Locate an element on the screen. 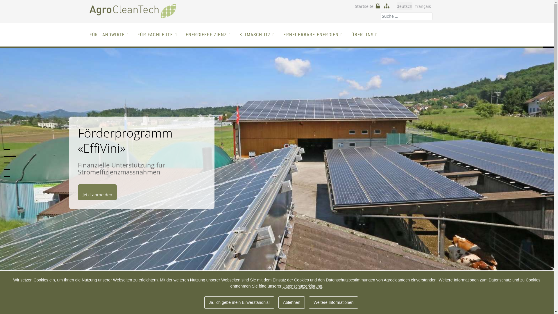 The height and width of the screenshot is (314, 558). 'deutsch' is located at coordinates (404, 6).